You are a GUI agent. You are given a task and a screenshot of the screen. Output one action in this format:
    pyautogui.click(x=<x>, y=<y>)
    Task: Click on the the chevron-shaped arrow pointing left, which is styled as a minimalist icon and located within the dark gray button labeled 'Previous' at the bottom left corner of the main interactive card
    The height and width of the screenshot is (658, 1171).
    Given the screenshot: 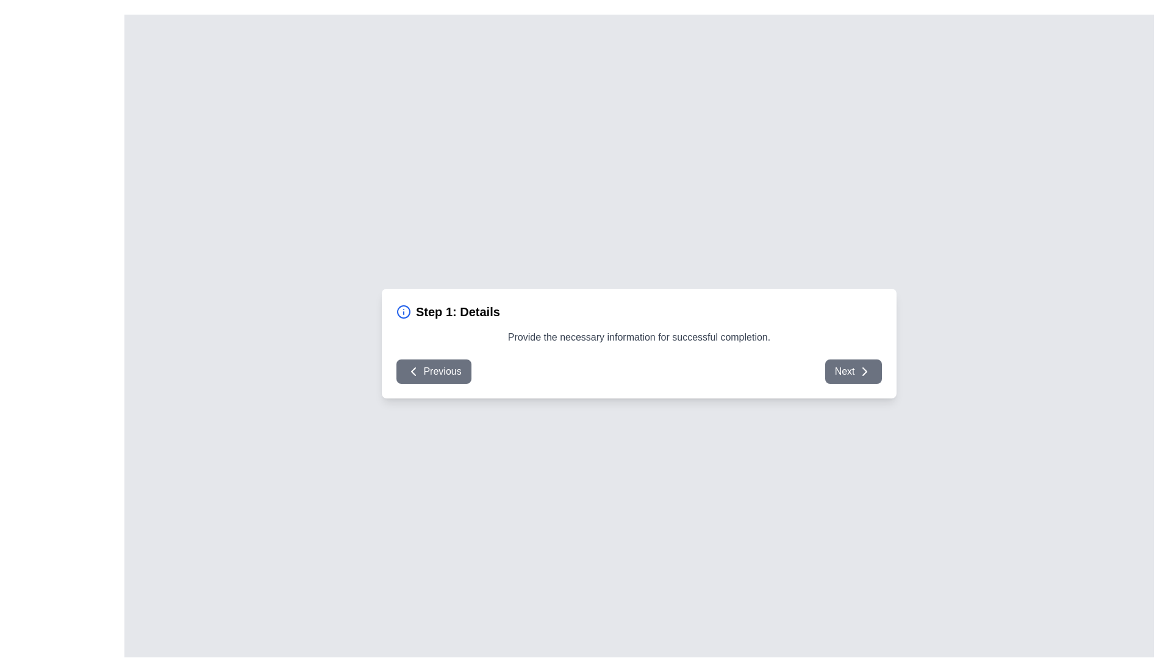 What is the action you would take?
    pyautogui.click(x=413, y=370)
    